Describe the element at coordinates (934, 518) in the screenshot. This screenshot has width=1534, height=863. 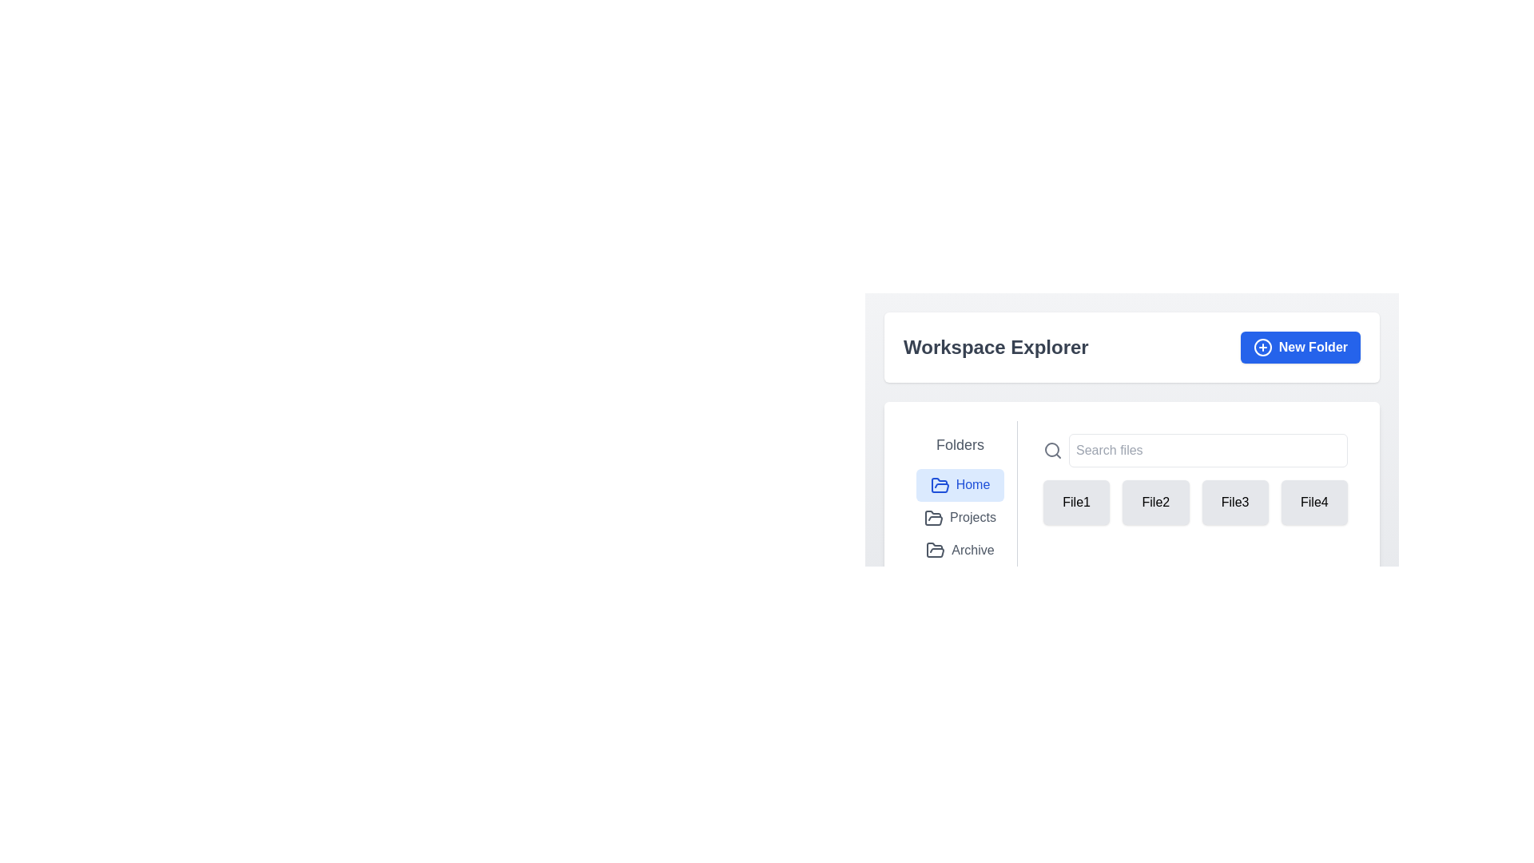
I see `the 'Projects' folder icon in the navigation menu, which is the second item in the list and located to the left of the text 'Projects'` at that location.